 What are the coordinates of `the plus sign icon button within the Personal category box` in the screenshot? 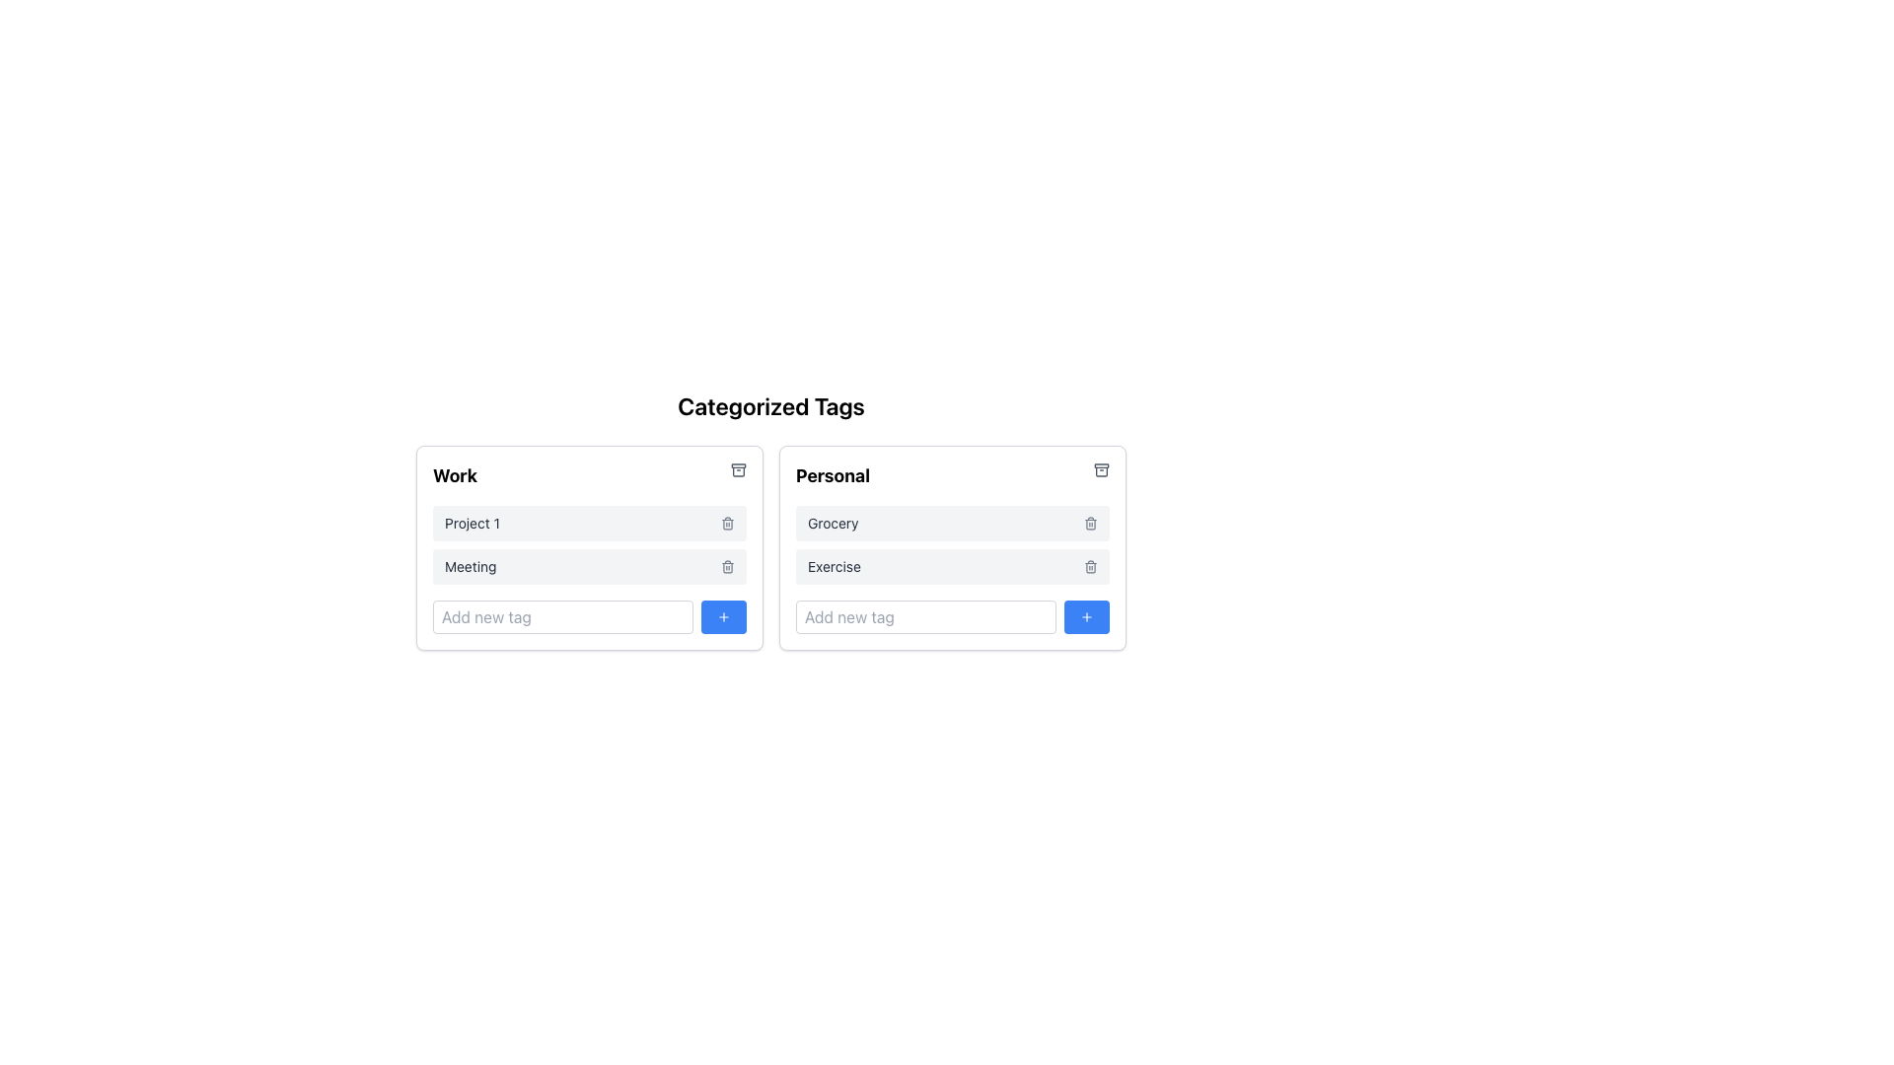 It's located at (1086, 615).